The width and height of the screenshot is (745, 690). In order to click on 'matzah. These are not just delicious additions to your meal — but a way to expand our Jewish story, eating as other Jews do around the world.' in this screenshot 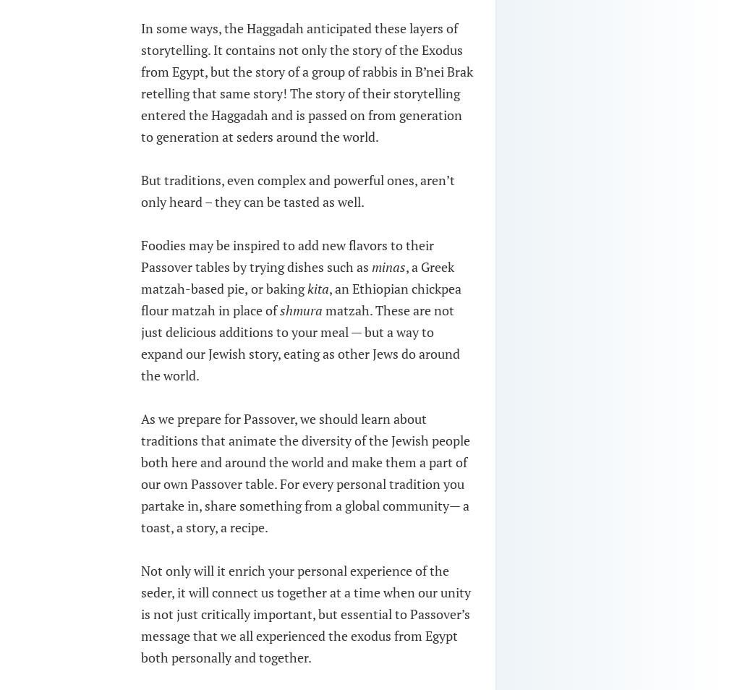, I will do `click(300, 343)`.